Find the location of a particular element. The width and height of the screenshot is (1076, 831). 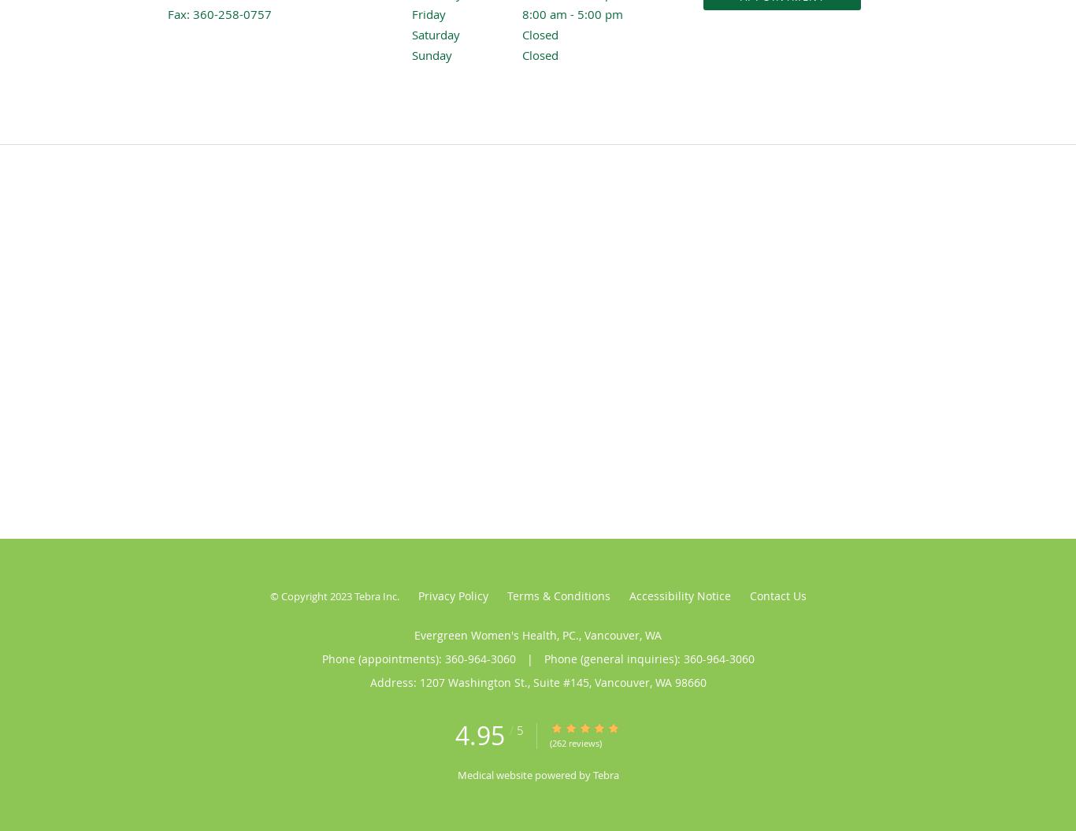

'Sunday' is located at coordinates (432, 53).